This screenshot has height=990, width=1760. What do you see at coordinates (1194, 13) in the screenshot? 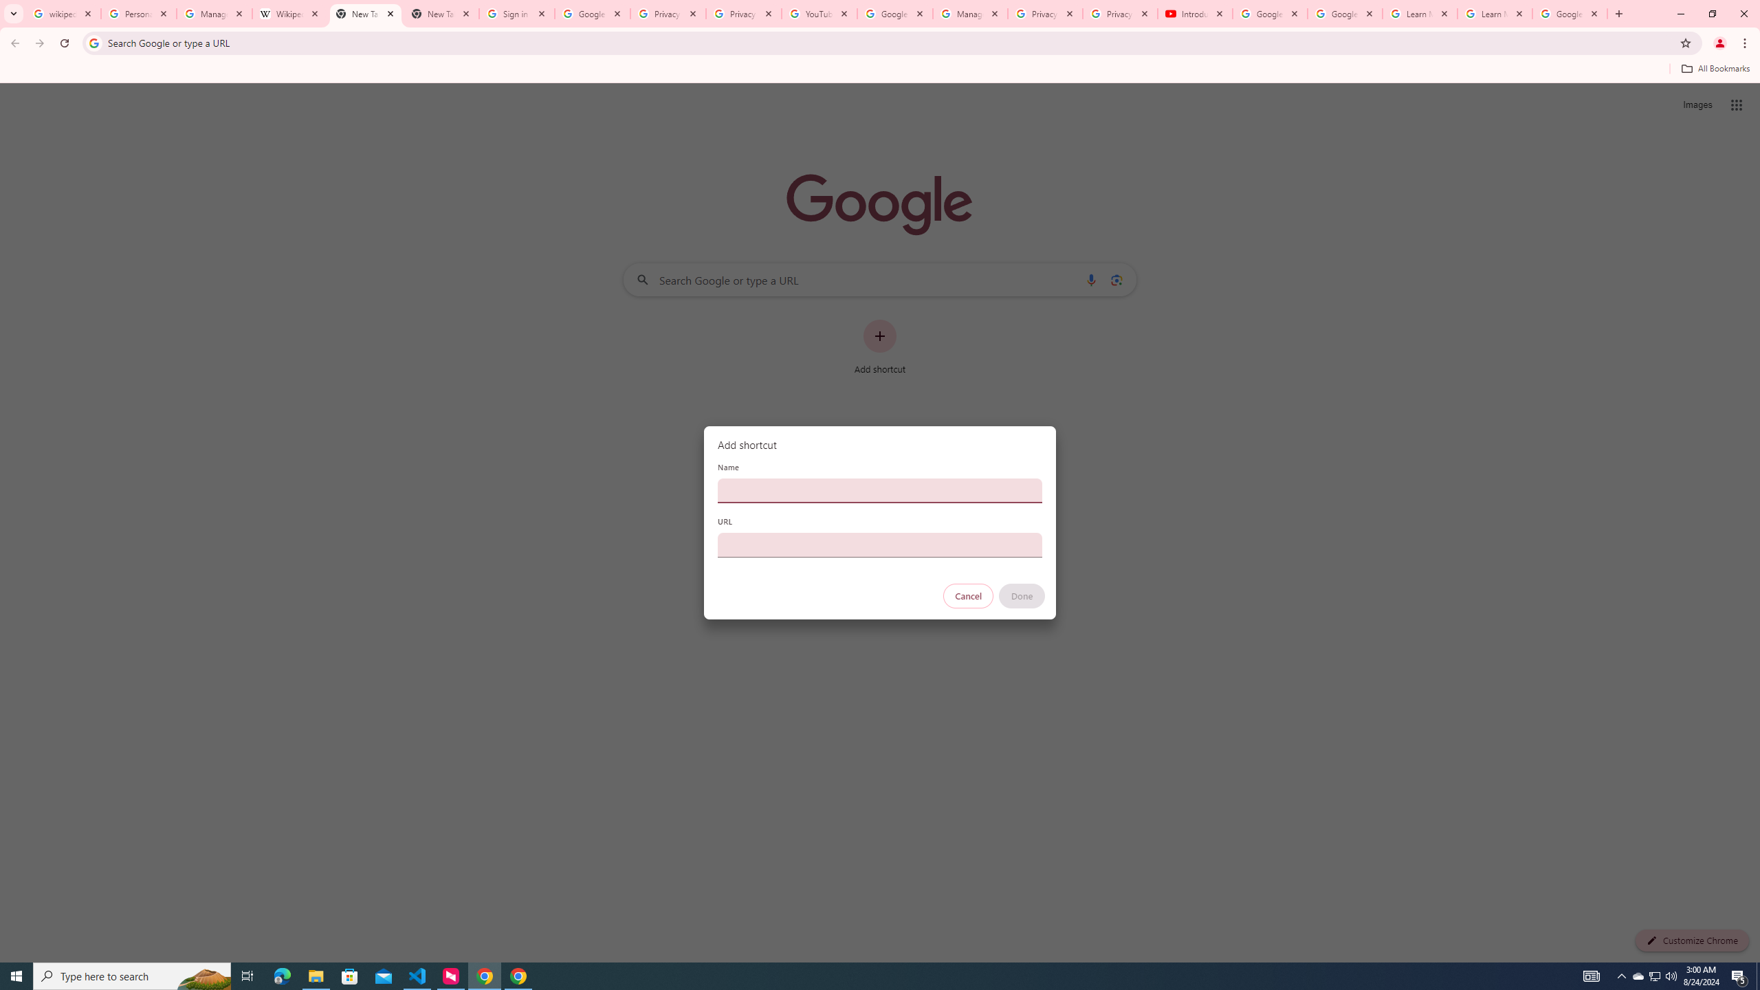
I see `'Introduction | Google Privacy Policy - YouTube'` at bounding box center [1194, 13].